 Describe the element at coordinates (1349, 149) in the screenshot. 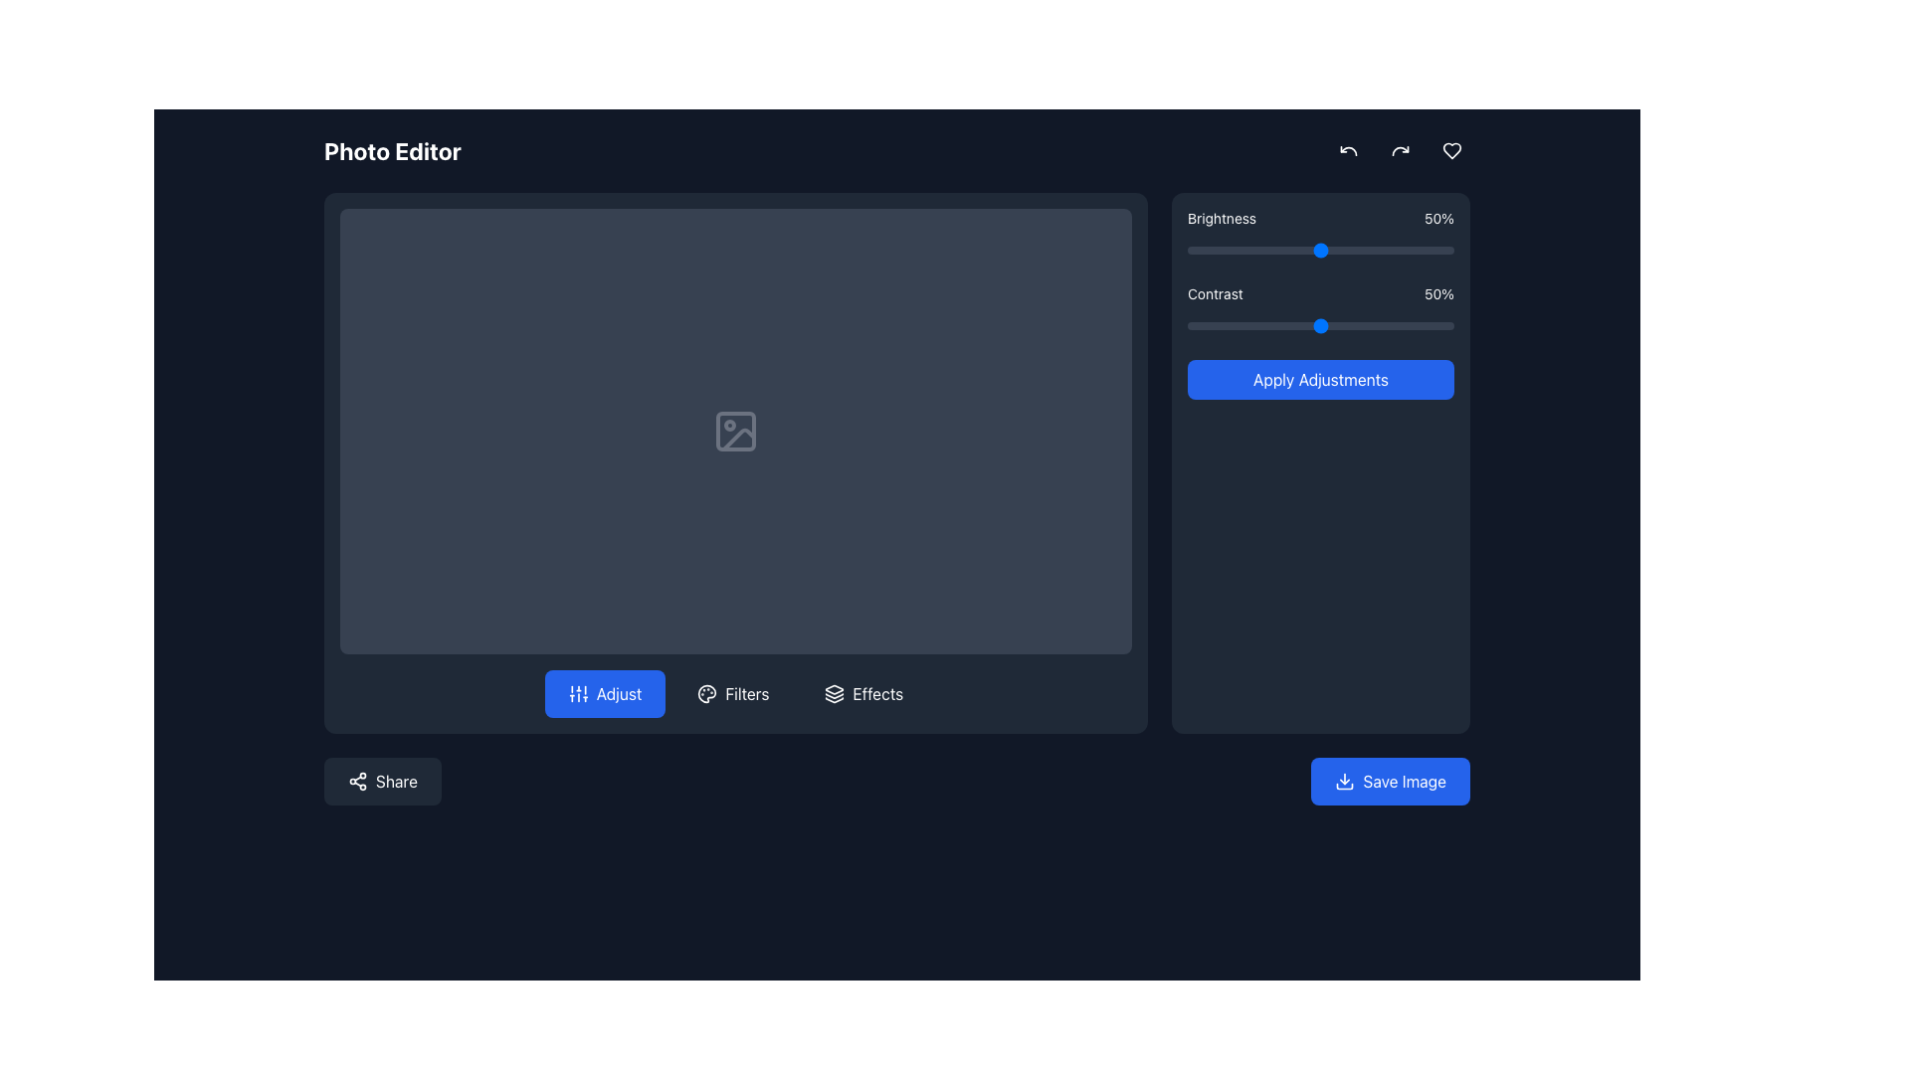

I see `the undo icon button located at the top-right corner of the interface, to the left of the redo icon` at that location.